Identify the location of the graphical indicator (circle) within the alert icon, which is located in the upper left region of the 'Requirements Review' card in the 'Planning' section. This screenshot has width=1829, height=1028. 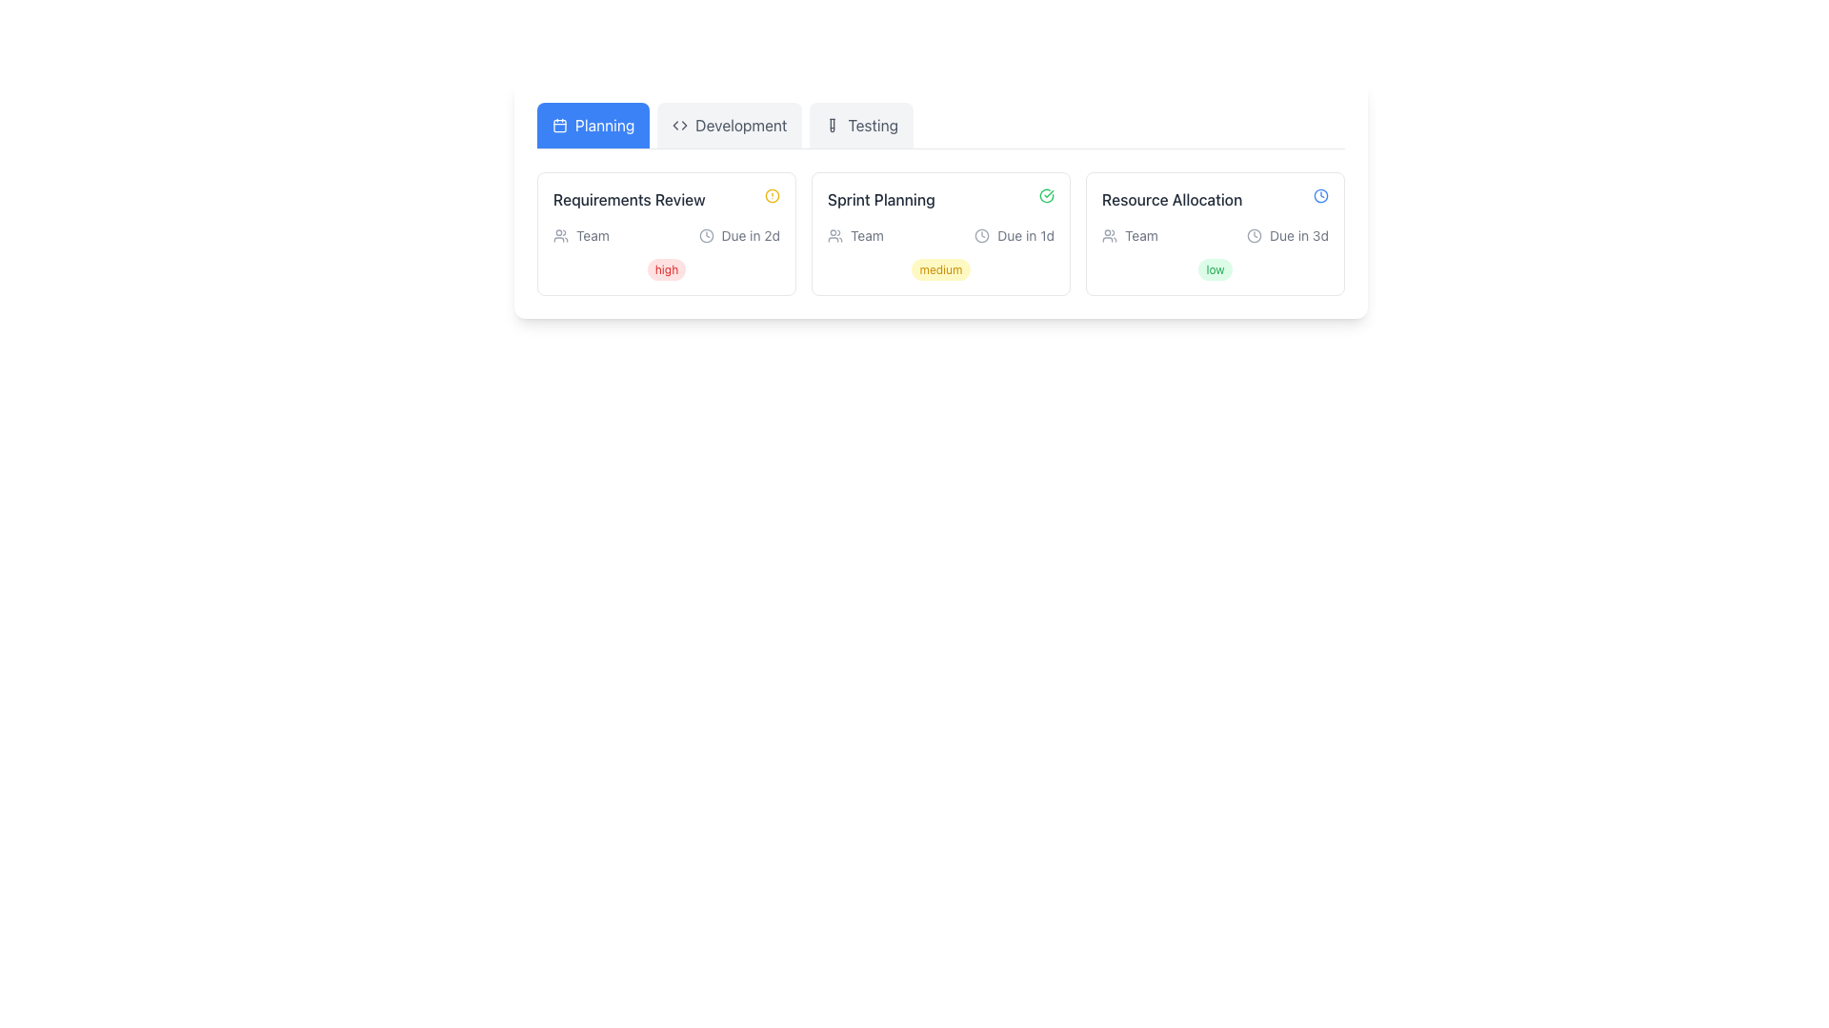
(773, 195).